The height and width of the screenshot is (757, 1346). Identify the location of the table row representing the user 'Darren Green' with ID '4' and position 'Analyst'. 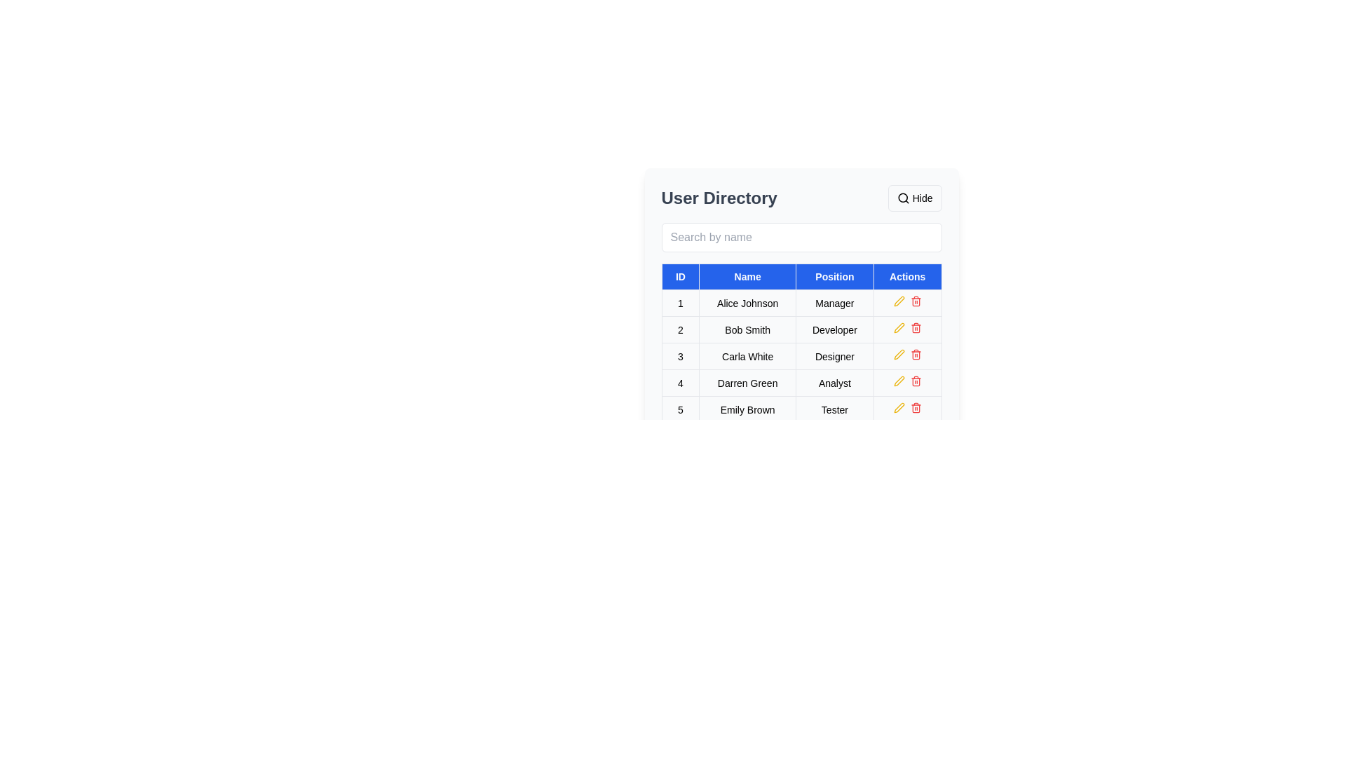
(801, 383).